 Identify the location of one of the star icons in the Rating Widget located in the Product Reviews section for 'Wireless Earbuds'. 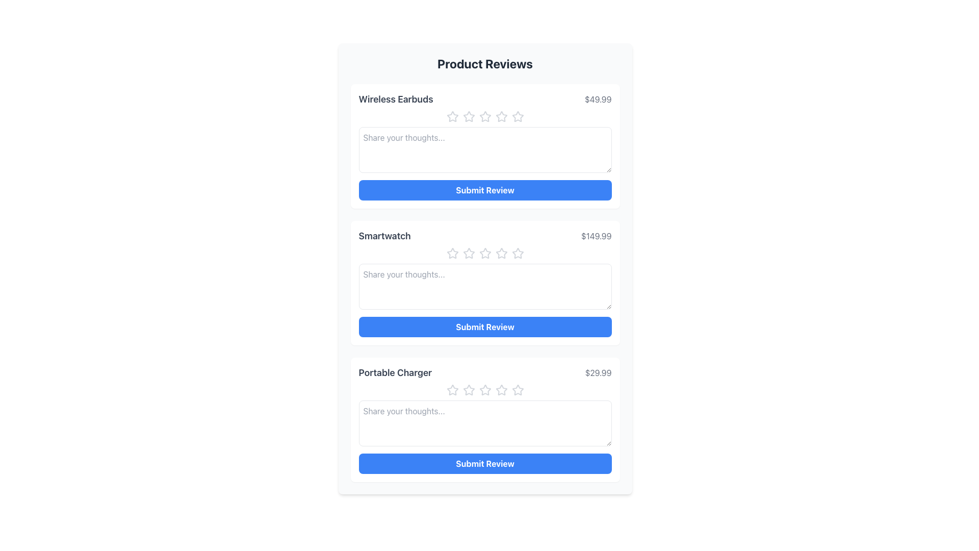
(484, 116).